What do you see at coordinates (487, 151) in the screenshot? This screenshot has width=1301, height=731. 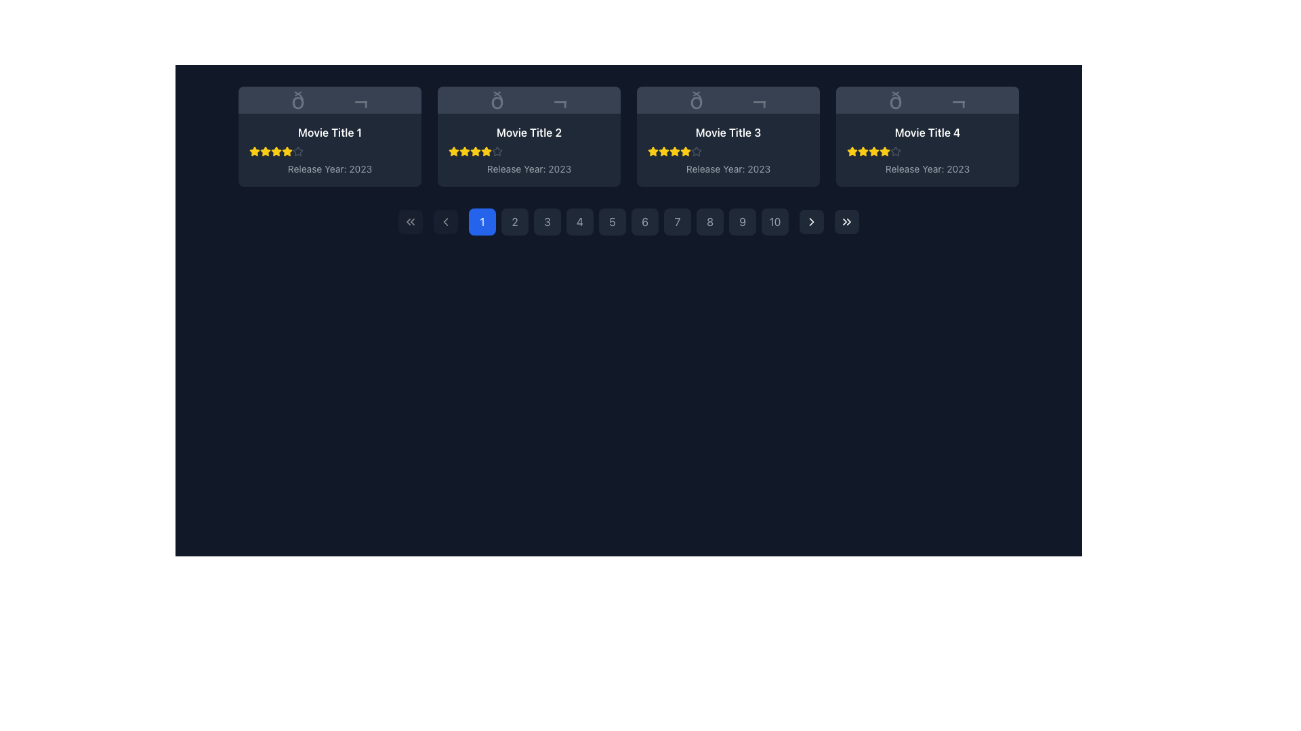 I see `the third yellow star rating icon for the movie 'Movie Title 2'` at bounding box center [487, 151].